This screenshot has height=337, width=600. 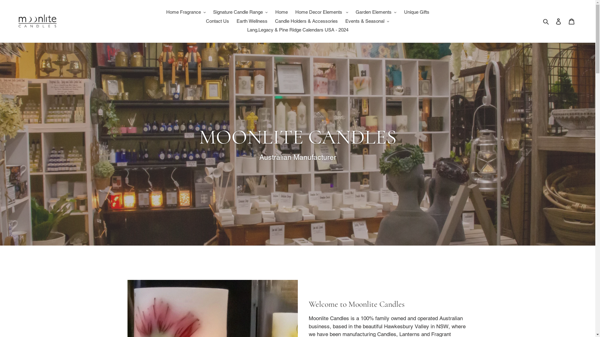 I want to click on 'Lang,Legacy & Pine Ridge Calendars USA - 2024', so click(x=297, y=30).